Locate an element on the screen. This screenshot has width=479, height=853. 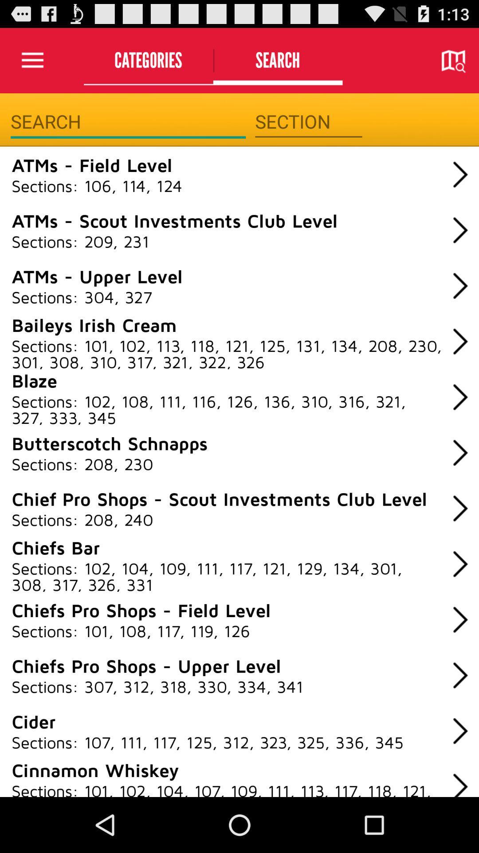
section button is located at coordinates (308, 121).